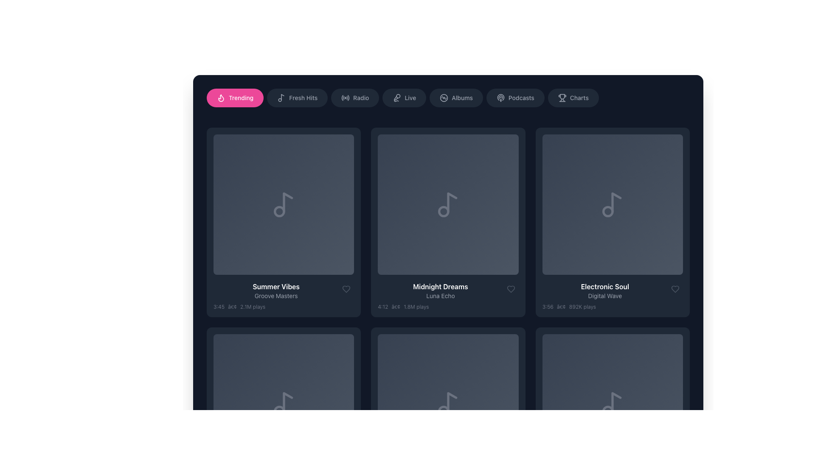 The image size is (815, 458). I want to click on the static text label displaying 'Live' in a medium-weight sans-serif font, which is styled in white on a dark background and located in the horizontal navigation bar at the top of the interface, so click(410, 98).